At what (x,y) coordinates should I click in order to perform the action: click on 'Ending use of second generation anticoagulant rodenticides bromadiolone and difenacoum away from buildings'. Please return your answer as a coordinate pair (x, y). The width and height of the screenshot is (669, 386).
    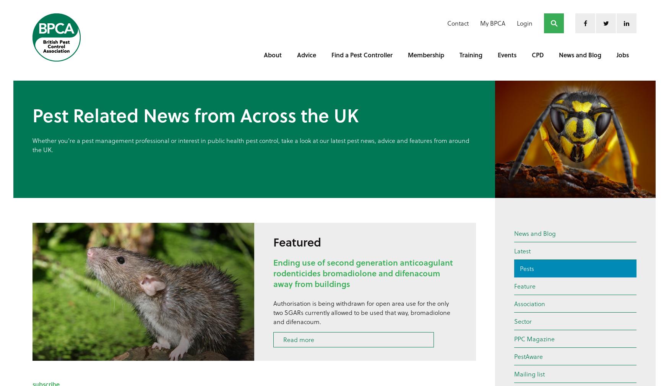
    Looking at the image, I should click on (363, 272).